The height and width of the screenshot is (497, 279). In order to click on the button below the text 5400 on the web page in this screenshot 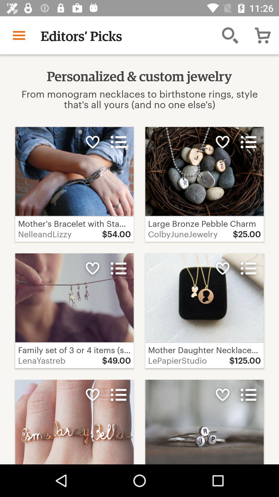, I will do `click(119, 268)`.